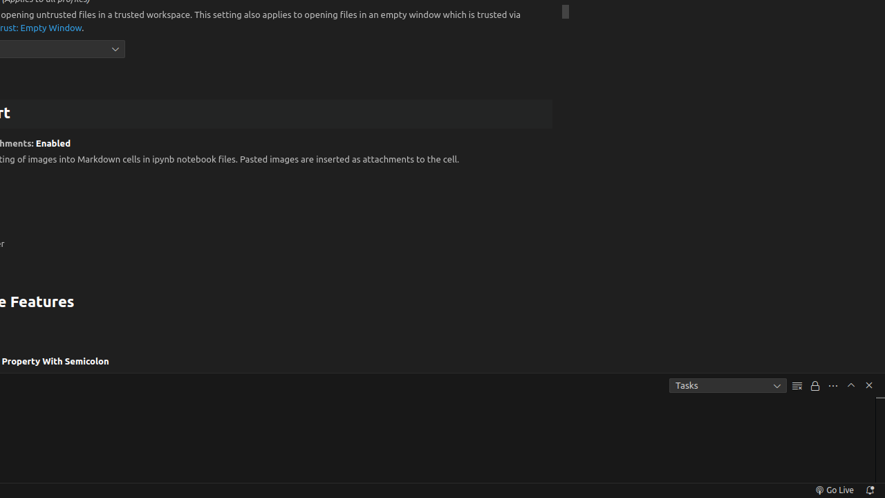  I want to click on 'Turn Auto Scrolling Off', so click(815, 385).